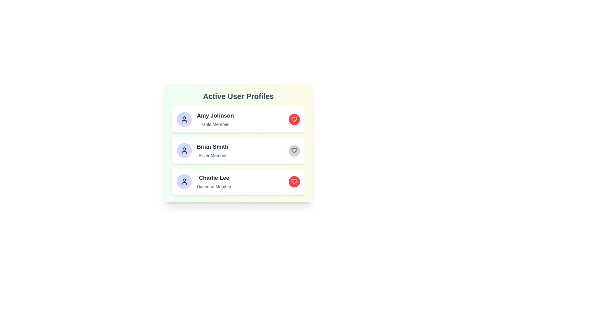 The image size is (598, 336). What do you see at coordinates (184, 150) in the screenshot?
I see `the user profile avatar icon representing 'Brian Smith'` at bounding box center [184, 150].